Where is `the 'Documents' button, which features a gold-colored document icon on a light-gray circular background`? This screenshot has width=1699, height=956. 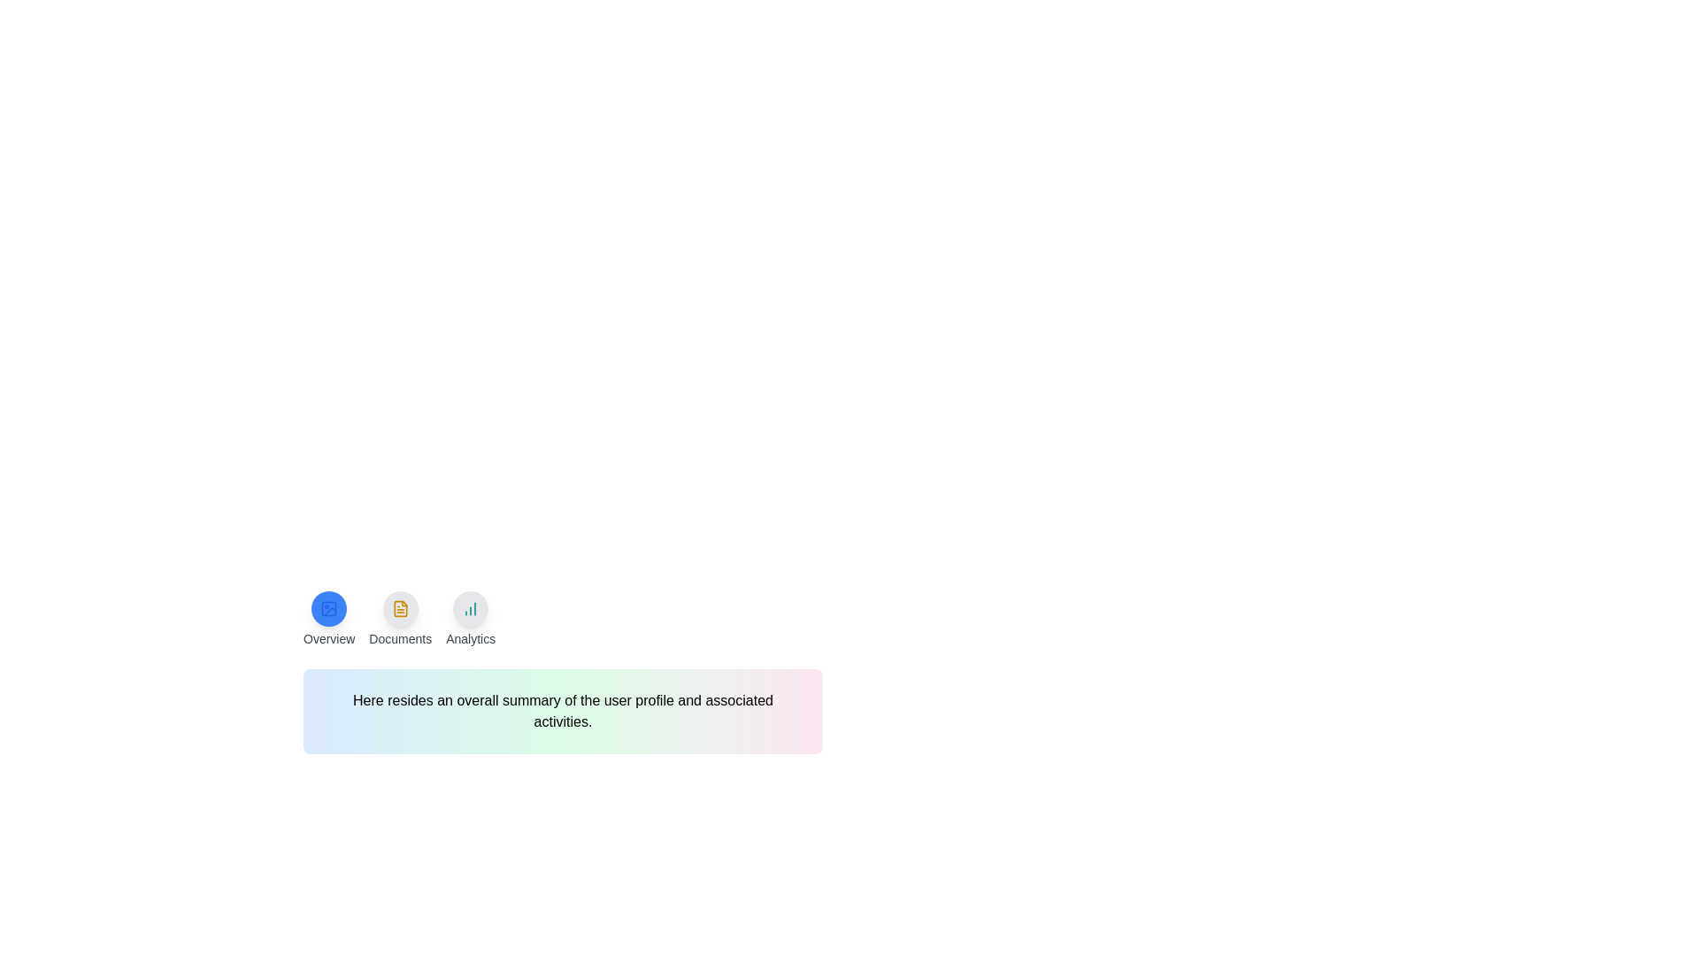
the 'Documents' button, which features a gold-colored document icon on a light-gray circular background is located at coordinates (399, 618).